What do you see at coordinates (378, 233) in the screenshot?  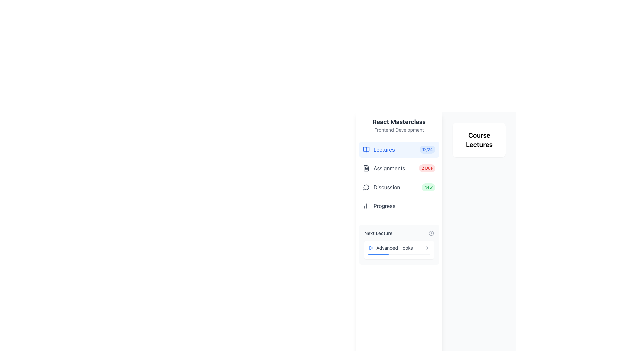 I see `the Text Label indicating the next lecture in the sidebar of the course interface, located below the navigation items like 'Lectures' and 'Assignments.'` at bounding box center [378, 233].